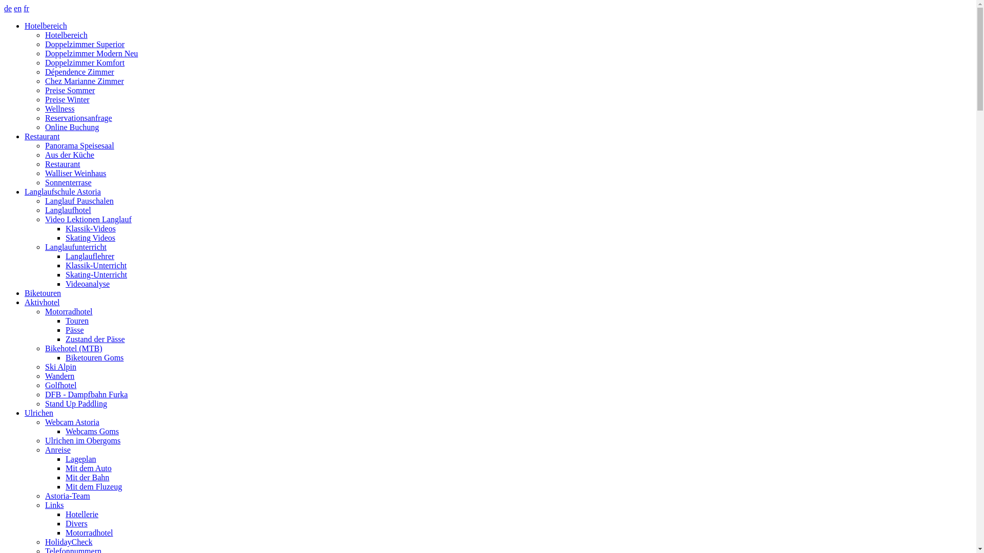 This screenshot has height=553, width=984. What do you see at coordinates (41, 302) in the screenshot?
I see `'Aktivhotel'` at bounding box center [41, 302].